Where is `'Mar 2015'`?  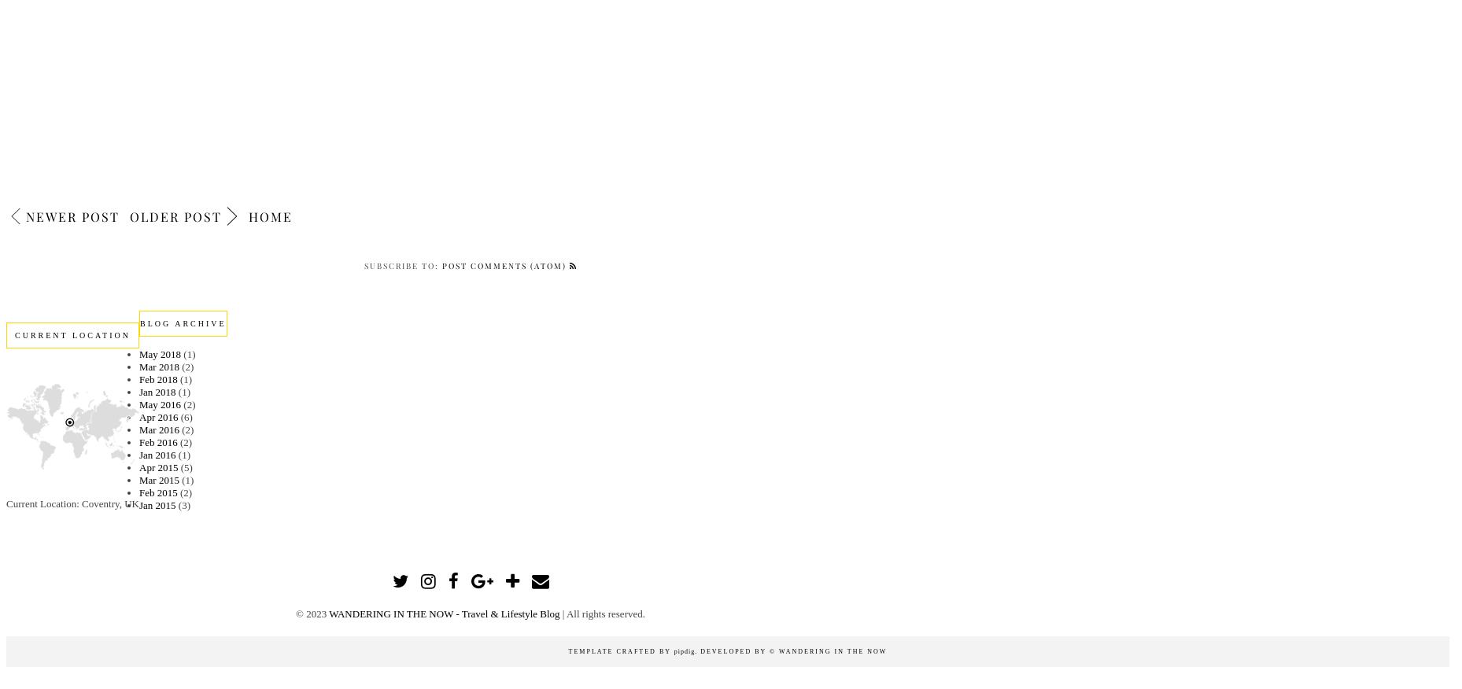
'Mar 2015' is located at coordinates (139, 479).